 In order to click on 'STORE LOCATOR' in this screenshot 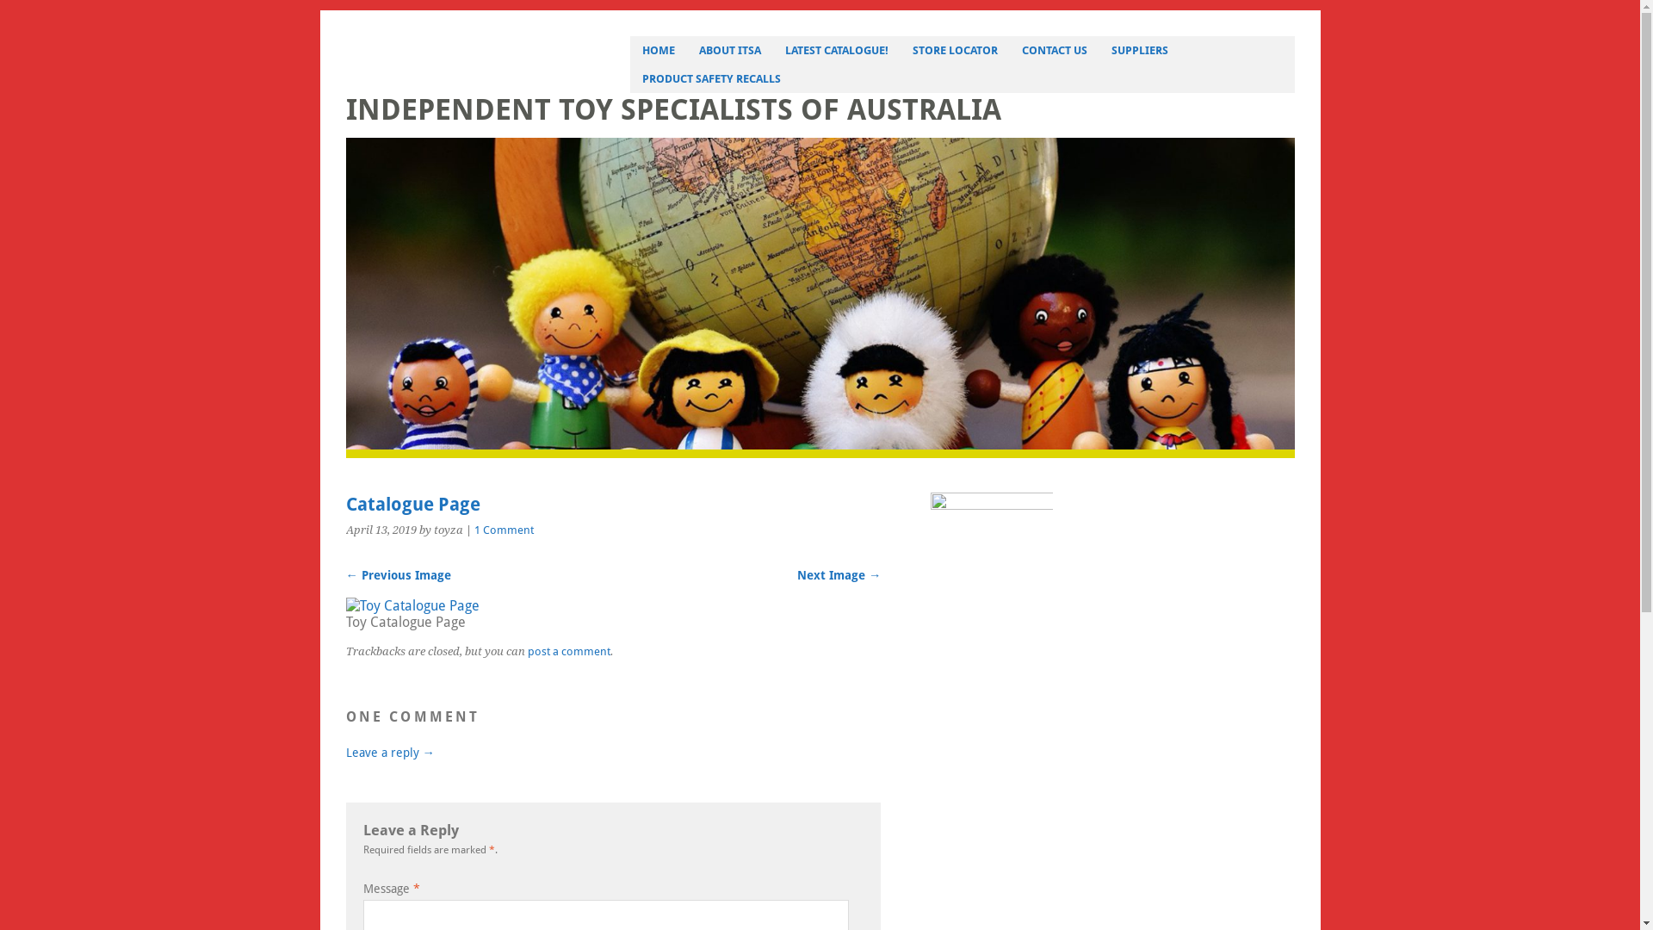, I will do `click(954, 49)`.